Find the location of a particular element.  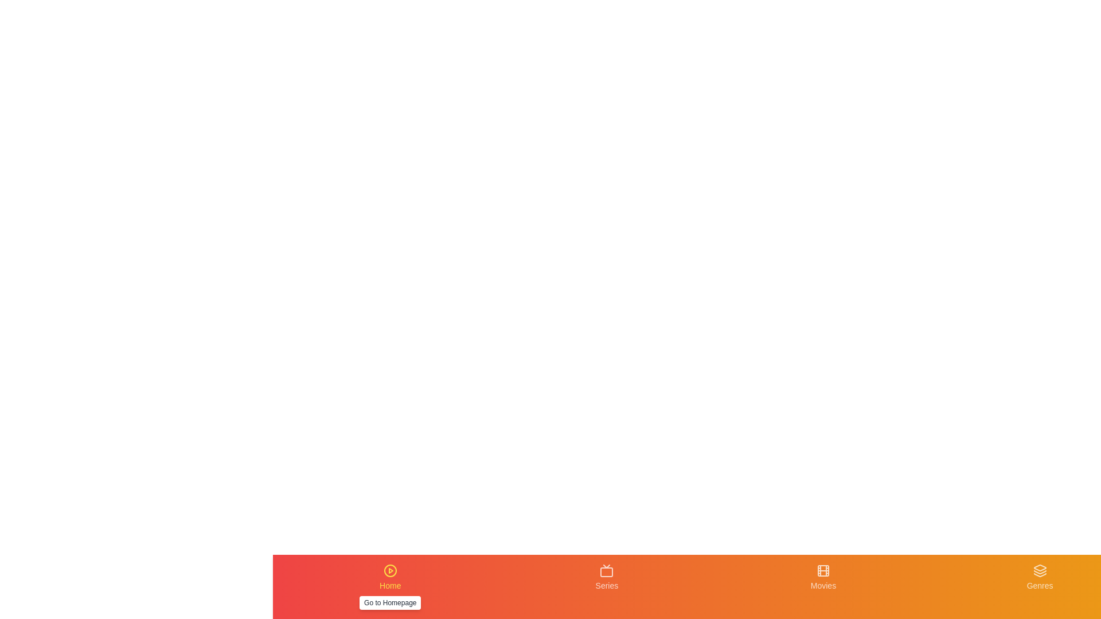

the tab labeled Series to preview its details is located at coordinates (606, 586).